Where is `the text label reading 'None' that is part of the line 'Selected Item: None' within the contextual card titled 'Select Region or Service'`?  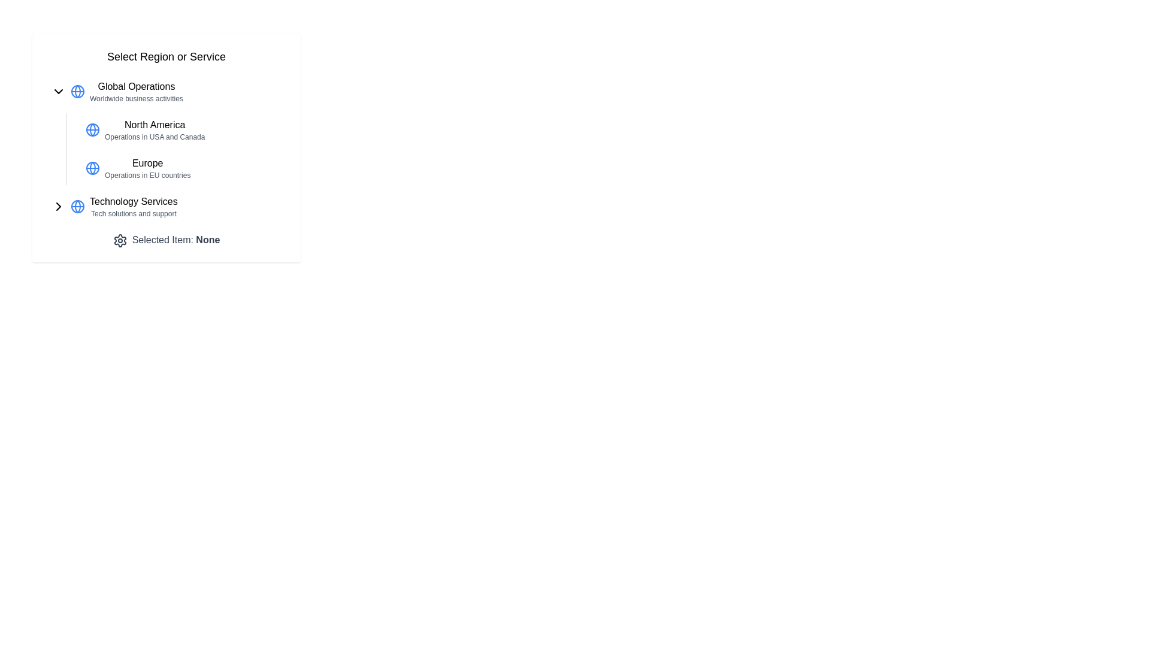
the text label reading 'None' that is part of the line 'Selected Item: None' within the contextual card titled 'Select Region or Service' is located at coordinates (208, 240).